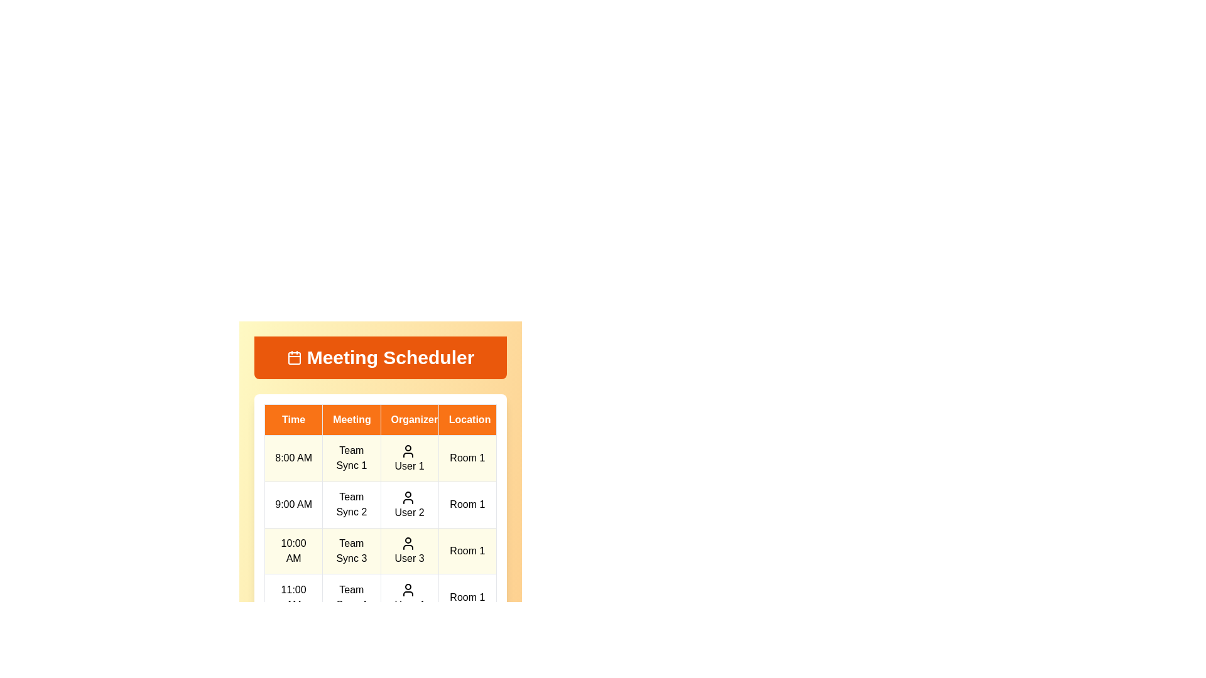 The image size is (1206, 678). What do you see at coordinates (293, 419) in the screenshot?
I see `the header column Time to sort or filter the schedule` at bounding box center [293, 419].